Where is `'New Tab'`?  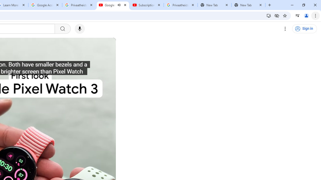
'New Tab' is located at coordinates (248, 5).